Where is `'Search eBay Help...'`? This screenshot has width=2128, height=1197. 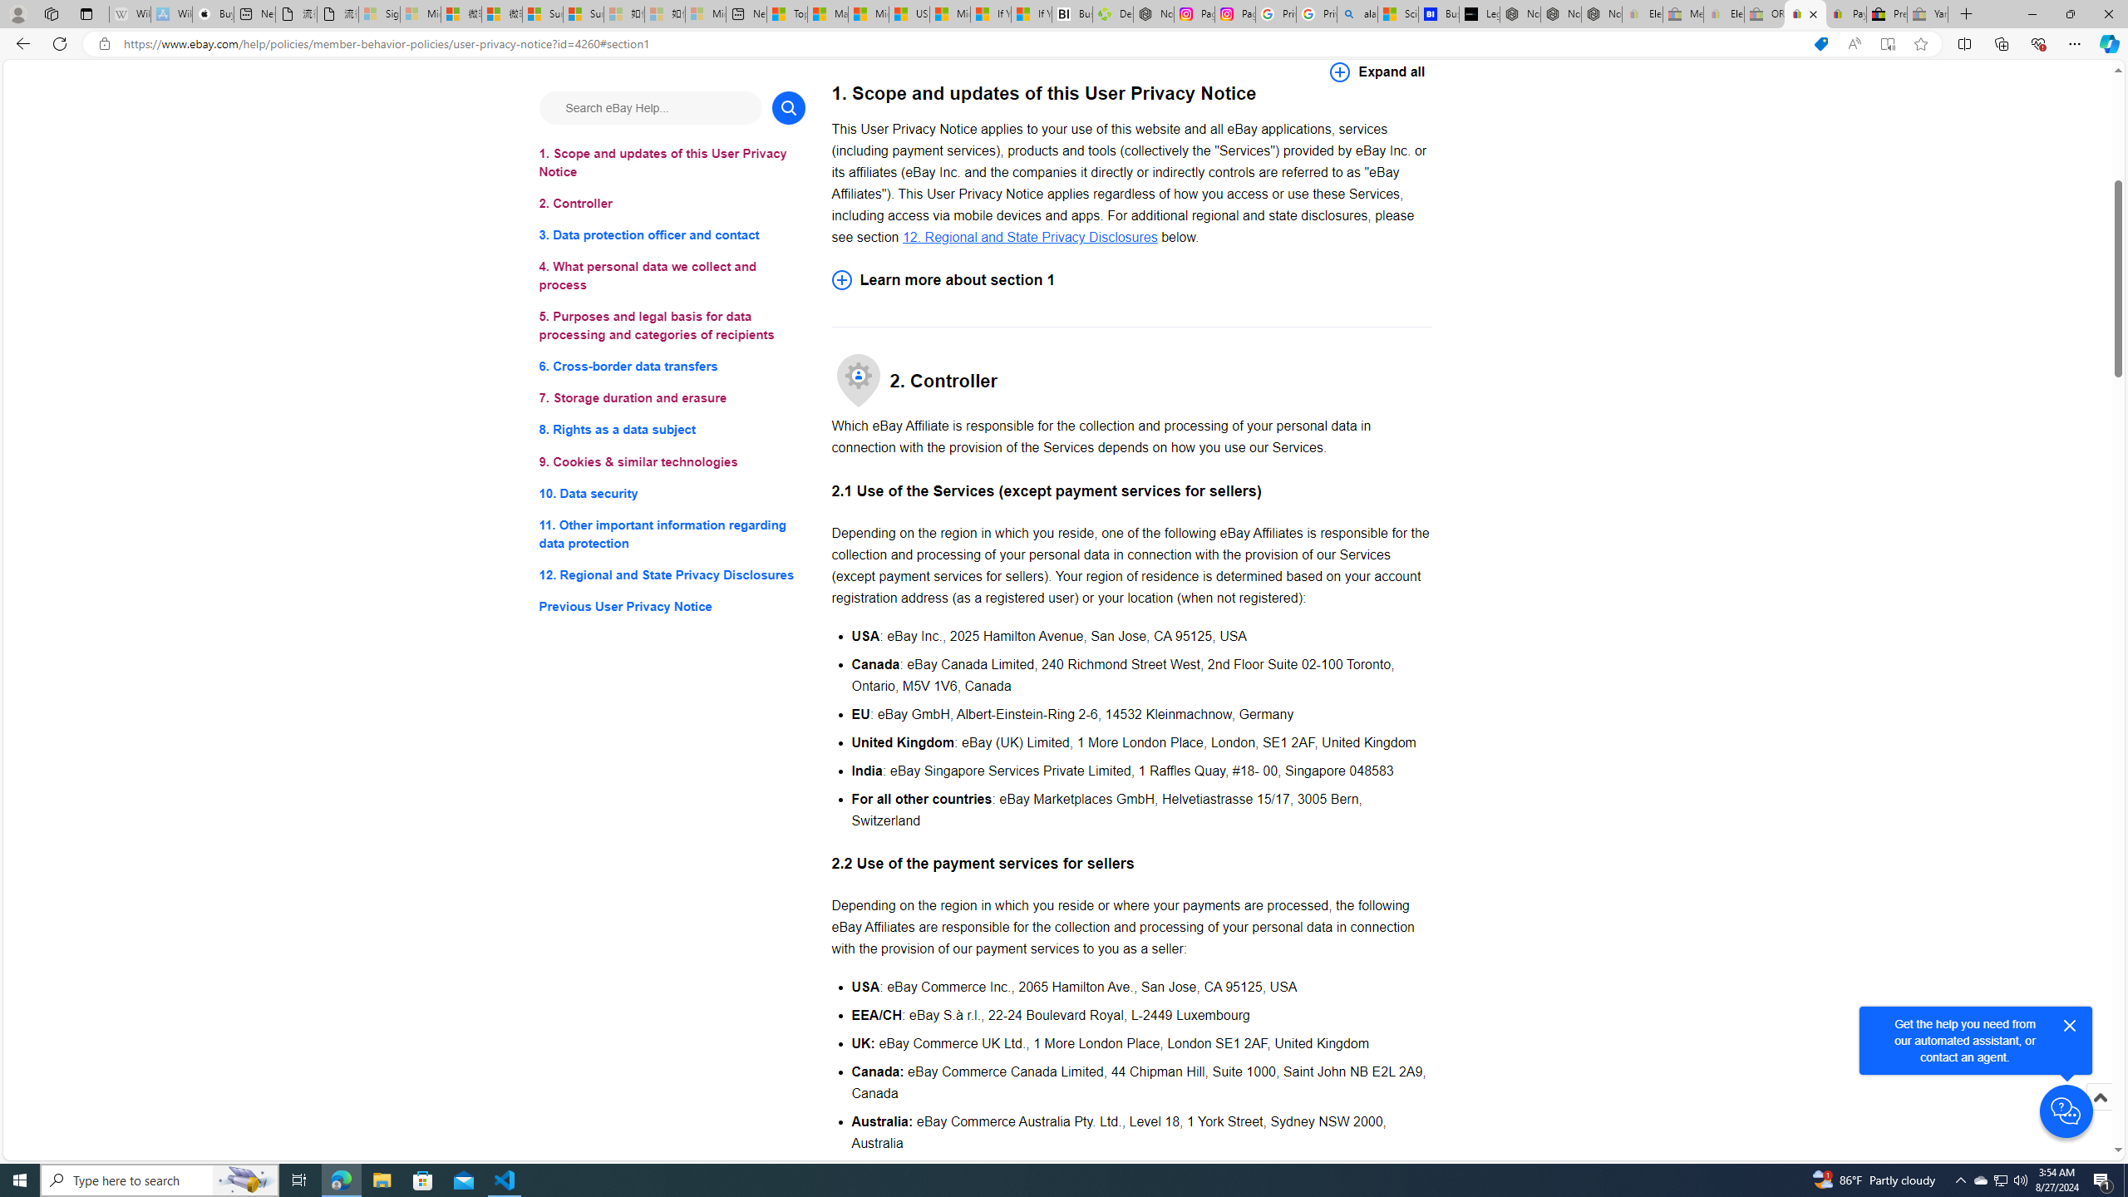
'Search eBay Help...' is located at coordinates (650, 107).